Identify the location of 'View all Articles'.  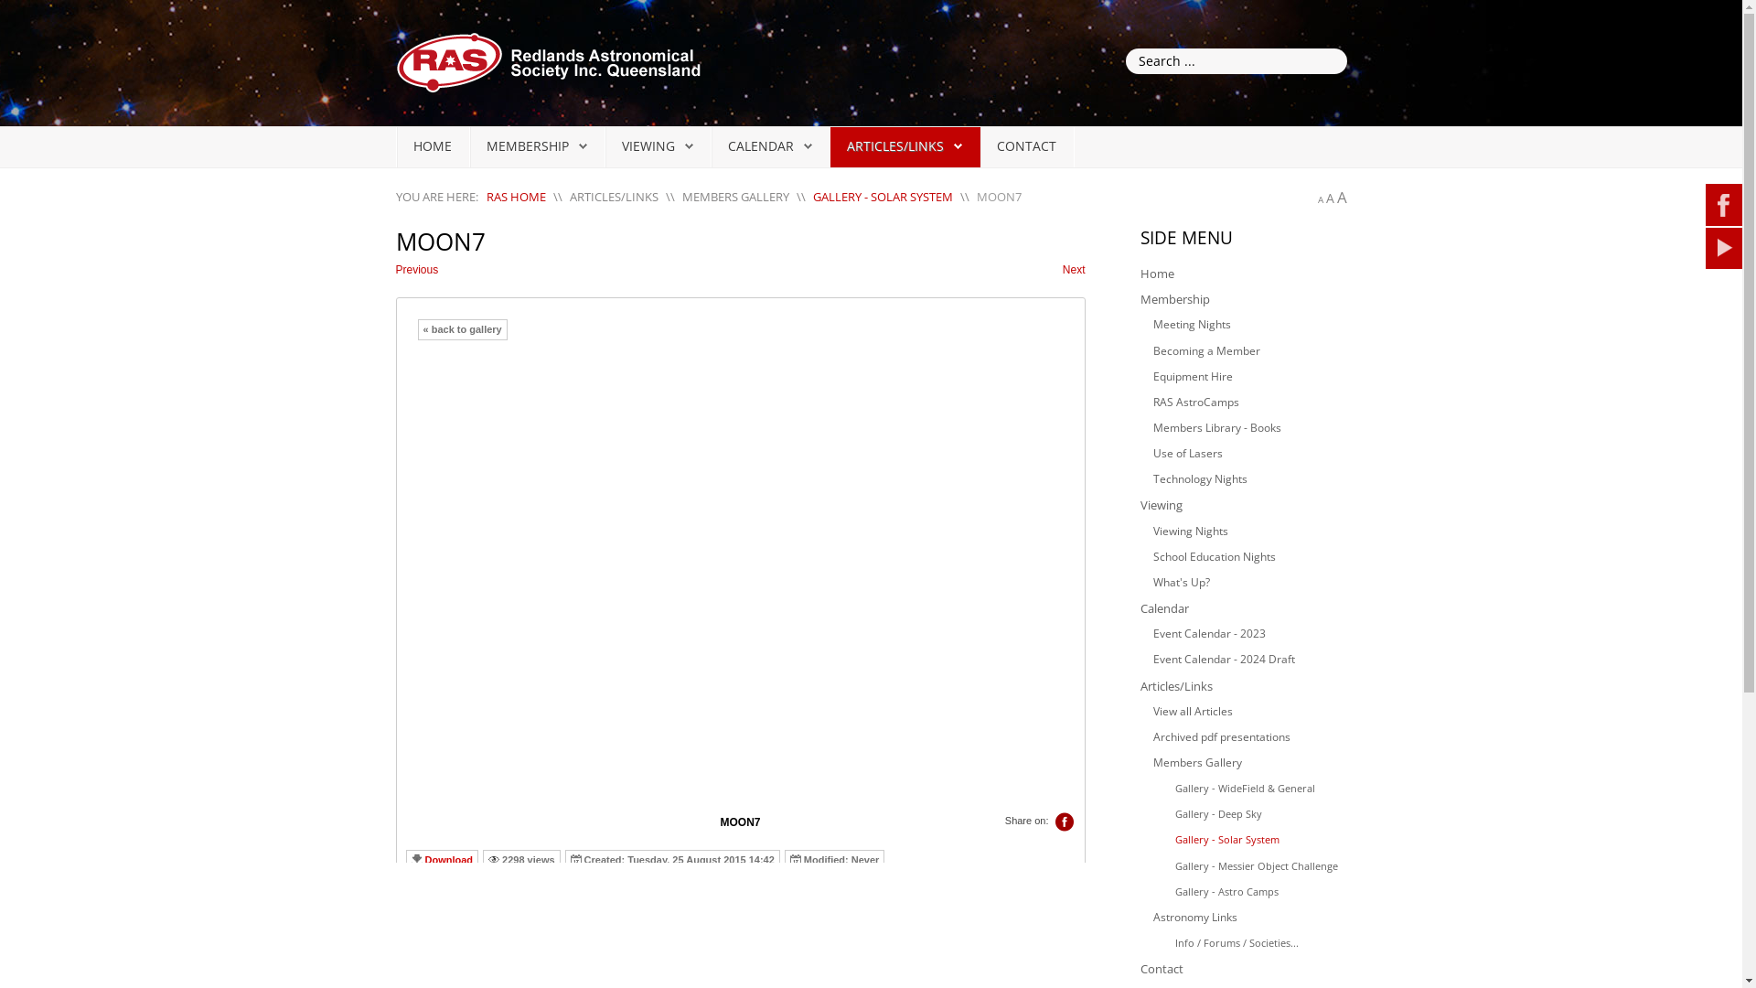
(1248, 711).